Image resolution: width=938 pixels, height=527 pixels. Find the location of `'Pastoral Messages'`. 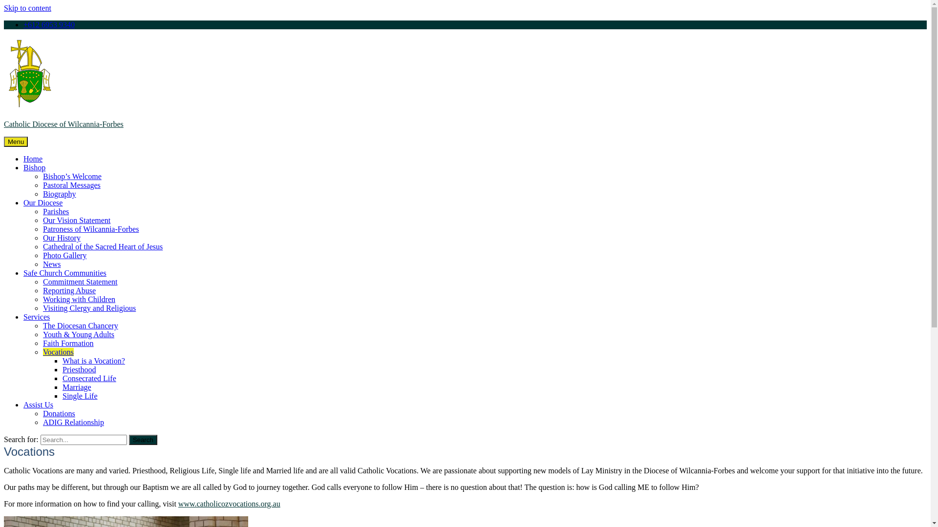

'Pastoral Messages' is located at coordinates (71, 185).